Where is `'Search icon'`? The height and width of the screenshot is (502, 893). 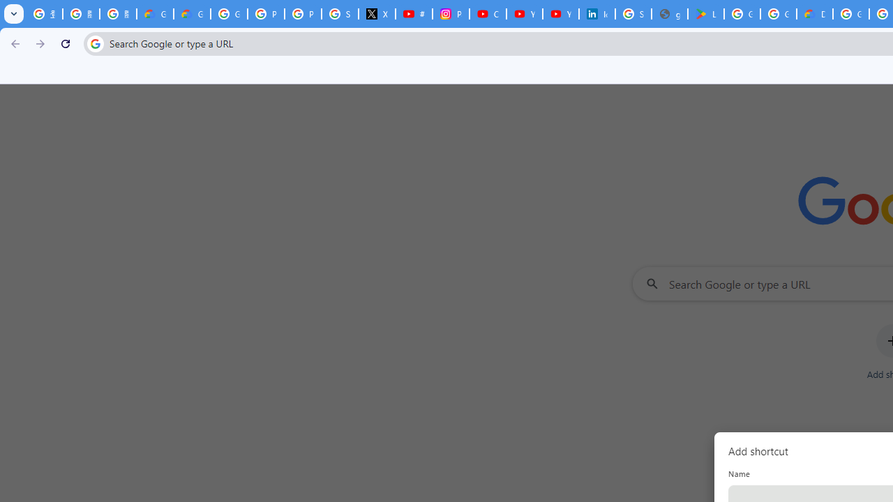 'Search icon' is located at coordinates (94, 43).